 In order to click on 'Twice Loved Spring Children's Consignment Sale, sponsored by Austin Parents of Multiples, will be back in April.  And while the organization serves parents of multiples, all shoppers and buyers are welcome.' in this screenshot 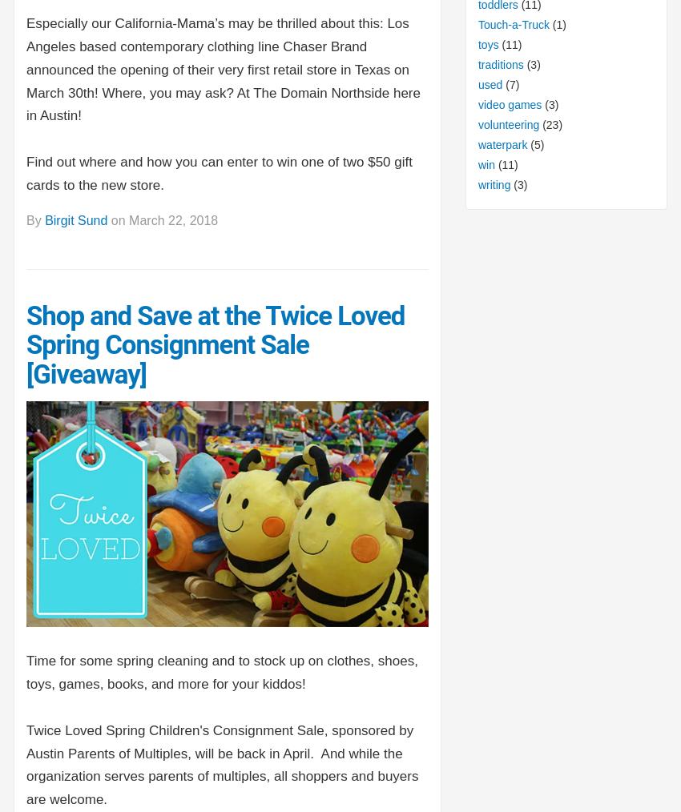, I will do `click(221, 764)`.